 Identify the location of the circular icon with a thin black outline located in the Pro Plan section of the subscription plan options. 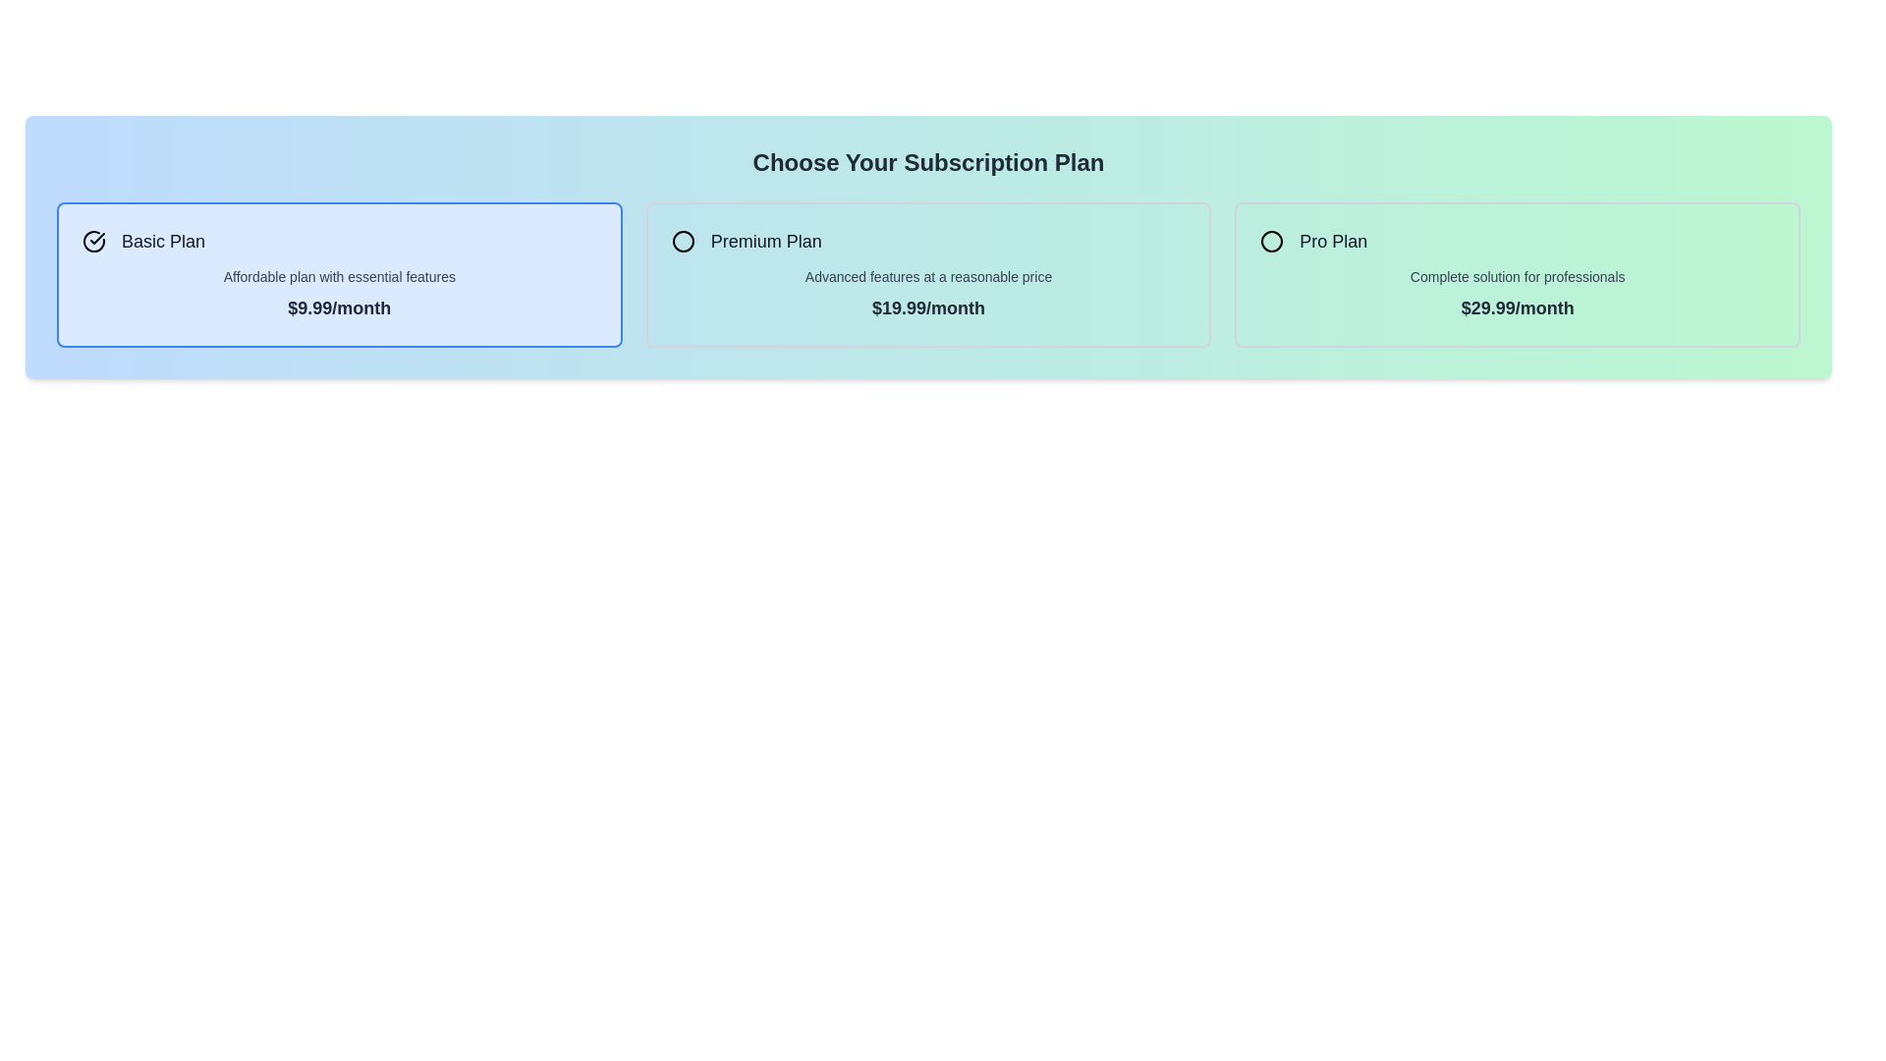
(1272, 241).